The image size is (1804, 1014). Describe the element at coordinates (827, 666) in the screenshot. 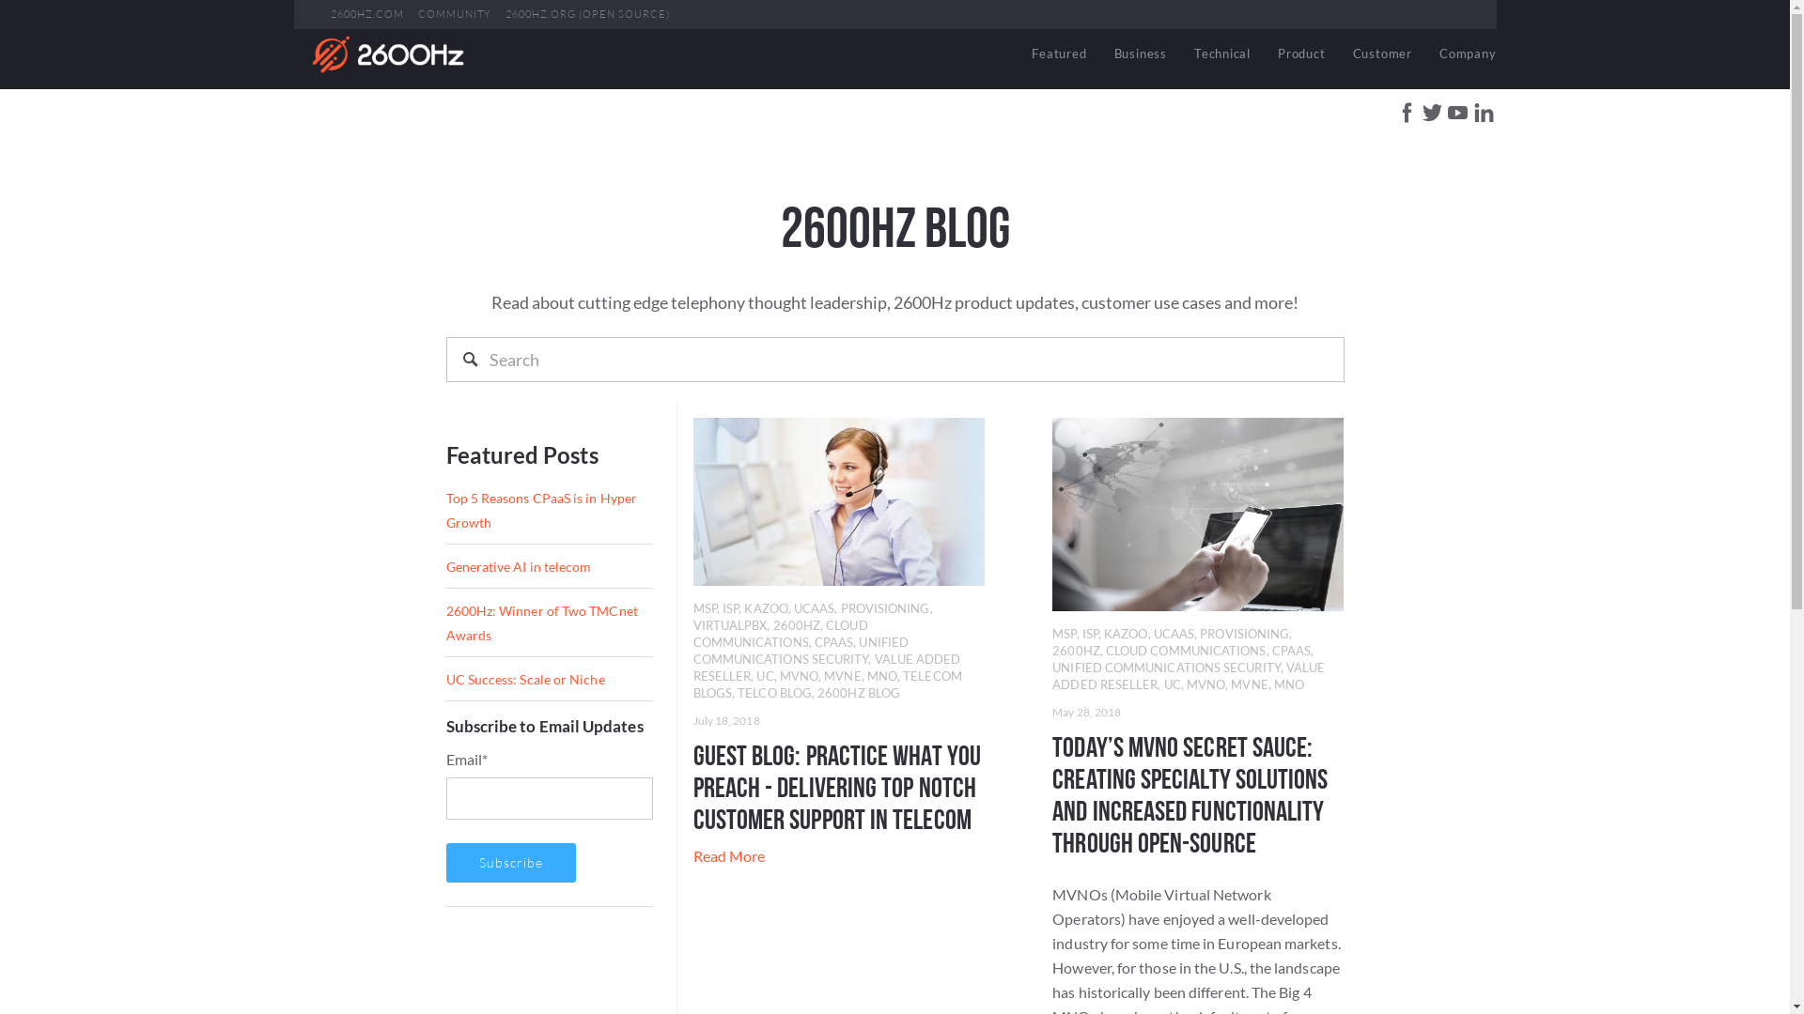

I see `'VALUE ADDED RESELLER'` at that location.